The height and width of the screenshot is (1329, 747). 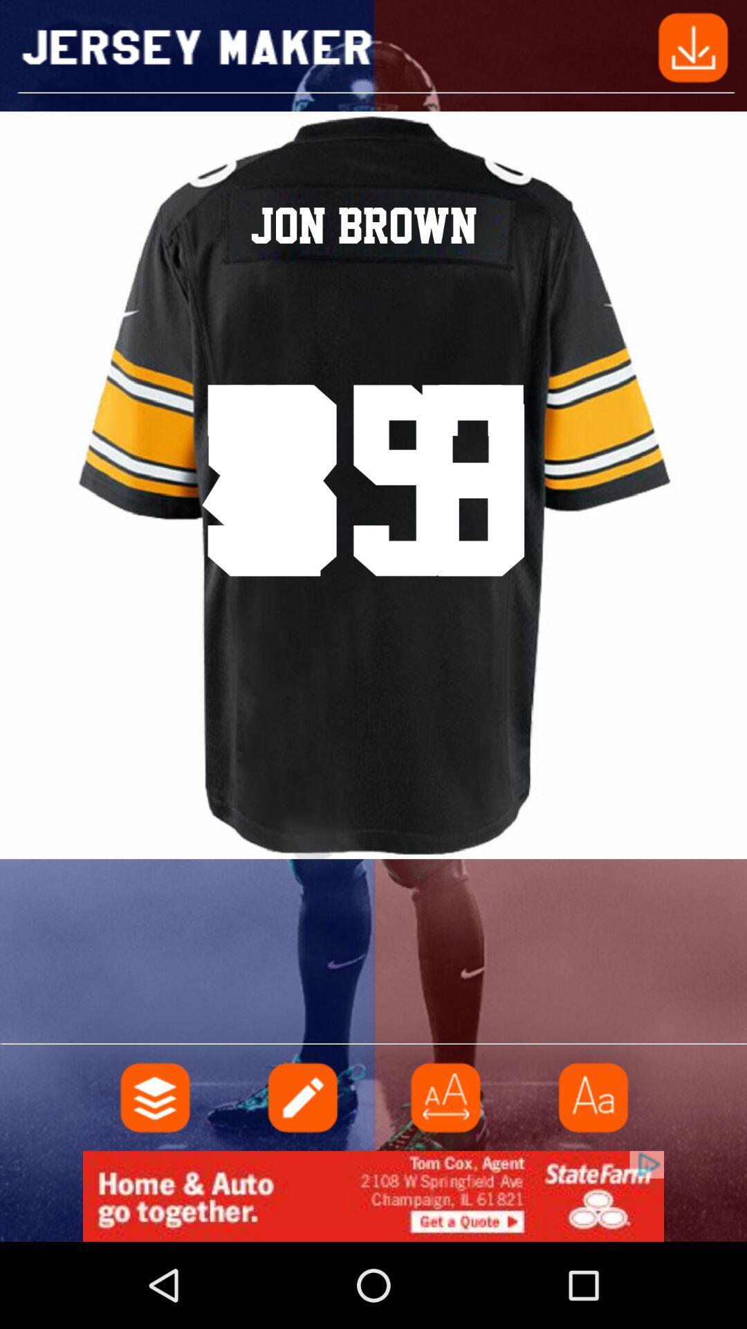 I want to click on open advertisement, so click(x=373, y=1195).